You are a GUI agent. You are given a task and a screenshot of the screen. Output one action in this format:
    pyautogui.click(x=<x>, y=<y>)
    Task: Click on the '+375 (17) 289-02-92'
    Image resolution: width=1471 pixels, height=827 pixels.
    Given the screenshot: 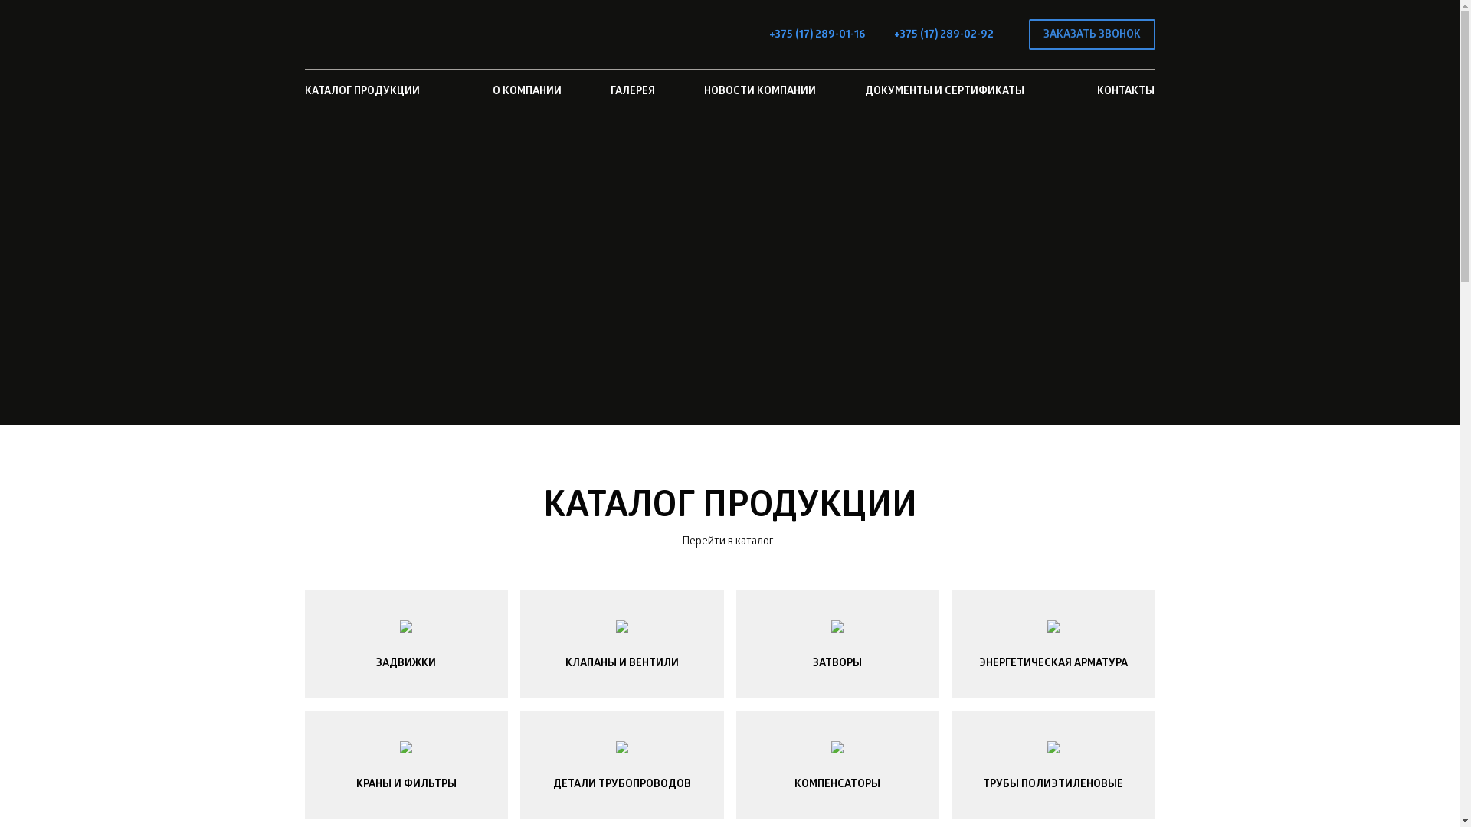 What is the action you would take?
    pyautogui.click(x=893, y=34)
    